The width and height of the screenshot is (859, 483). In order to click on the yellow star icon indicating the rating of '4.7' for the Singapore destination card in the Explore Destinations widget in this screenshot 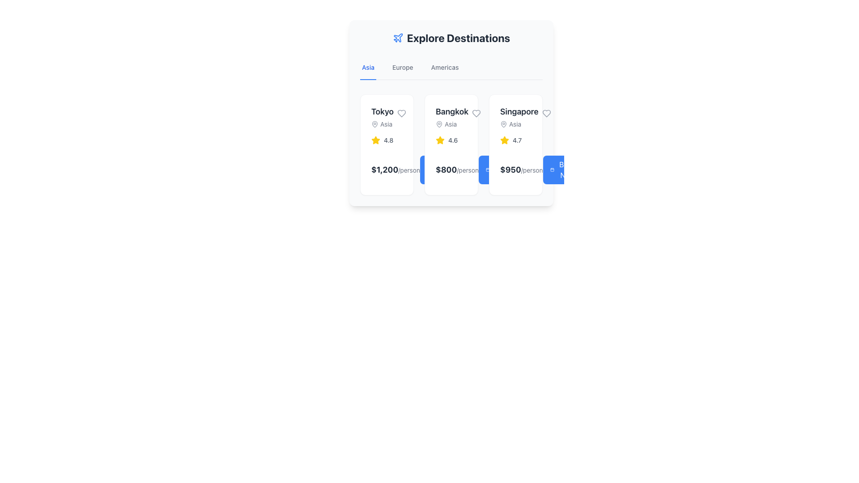, I will do `click(505, 140)`.